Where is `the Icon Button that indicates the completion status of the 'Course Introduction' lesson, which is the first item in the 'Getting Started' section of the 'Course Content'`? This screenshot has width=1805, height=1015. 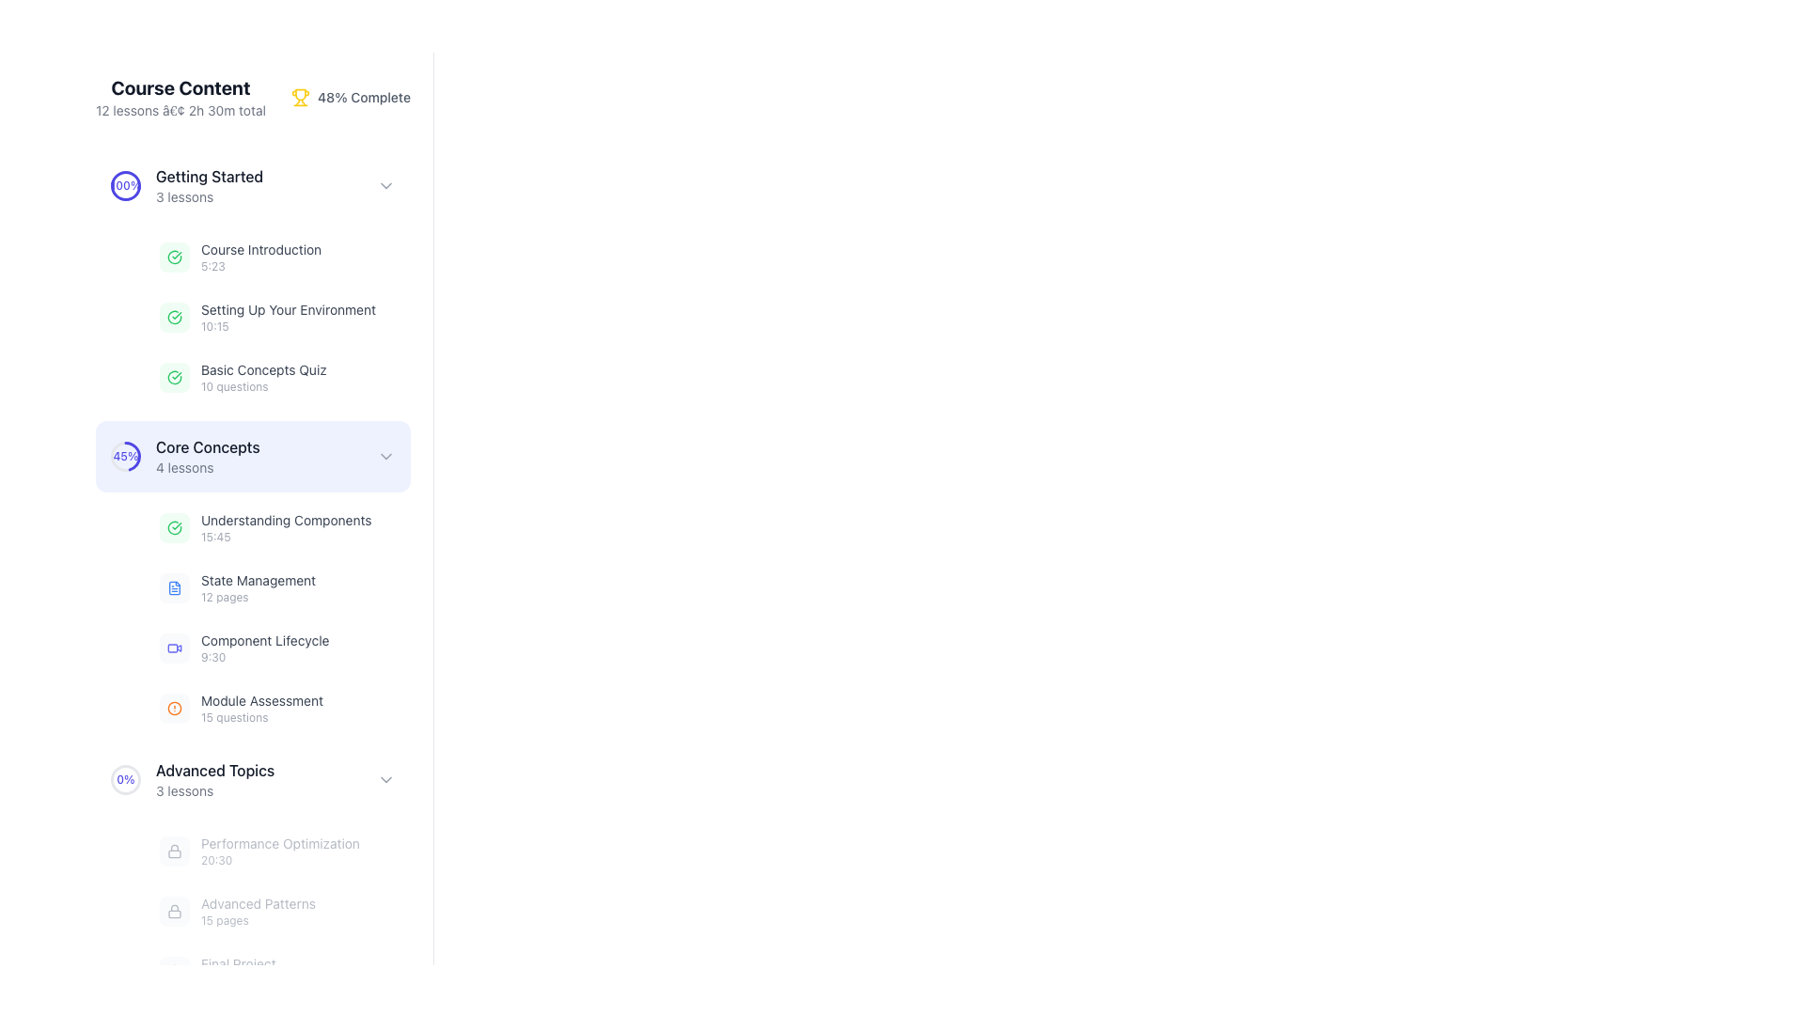
the Icon Button that indicates the completion status of the 'Course Introduction' lesson, which is the first item in the 'Getting Started' section of the 'Course Content' is located at coordinates (175, 257).